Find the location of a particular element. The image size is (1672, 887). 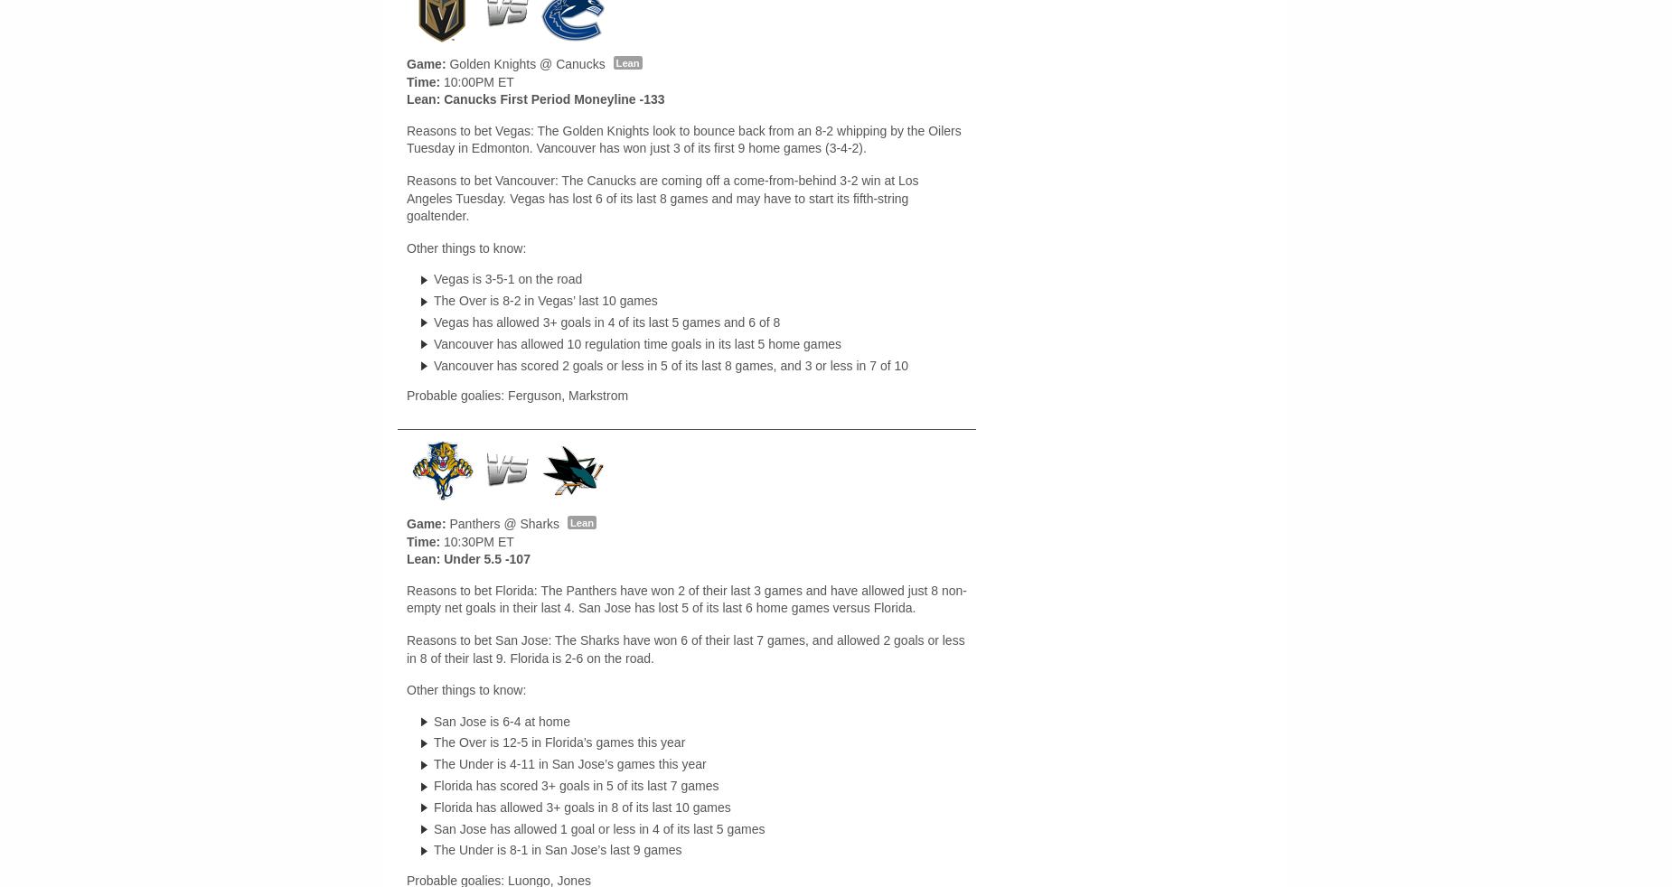

'10:00PM ET' is located at coordinates (476, 79).